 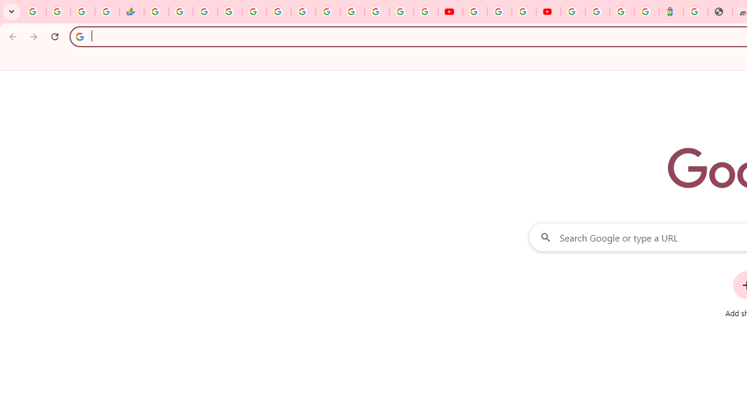 What do you see at coordinates (474, 12) in the screenshot?
I see `'YouTube'` at bounding box center [474, 12].